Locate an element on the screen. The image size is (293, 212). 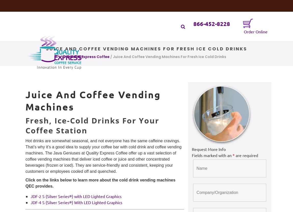
'*' is located at coordinates (234, 155).